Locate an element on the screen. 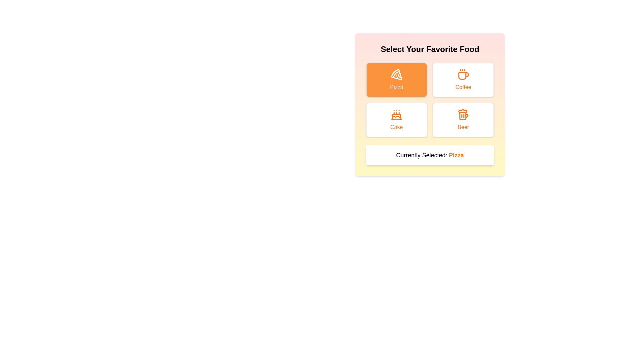 The width and height of the screenshot is (641, 360). the food item Pizza by clicking its button is located at coordinates (397, 79).